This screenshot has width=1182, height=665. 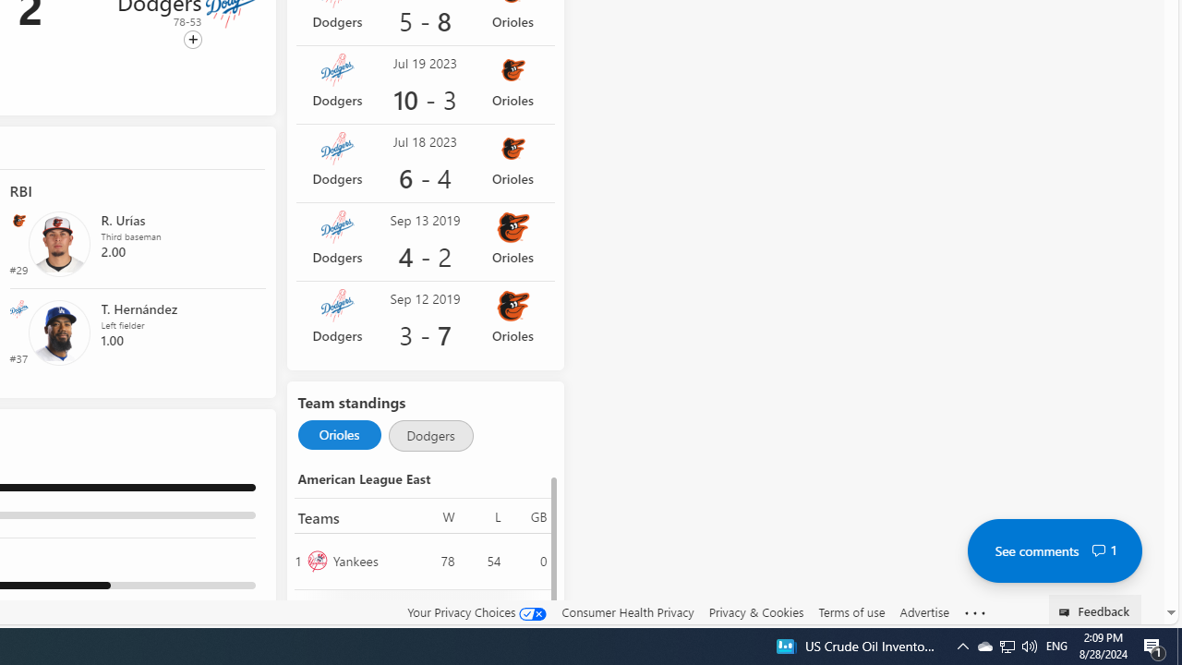 What do you see at coordinates (339, 434) in the screenshot?
I see `'Selected Orioles'` at bounding box center [339, 434].